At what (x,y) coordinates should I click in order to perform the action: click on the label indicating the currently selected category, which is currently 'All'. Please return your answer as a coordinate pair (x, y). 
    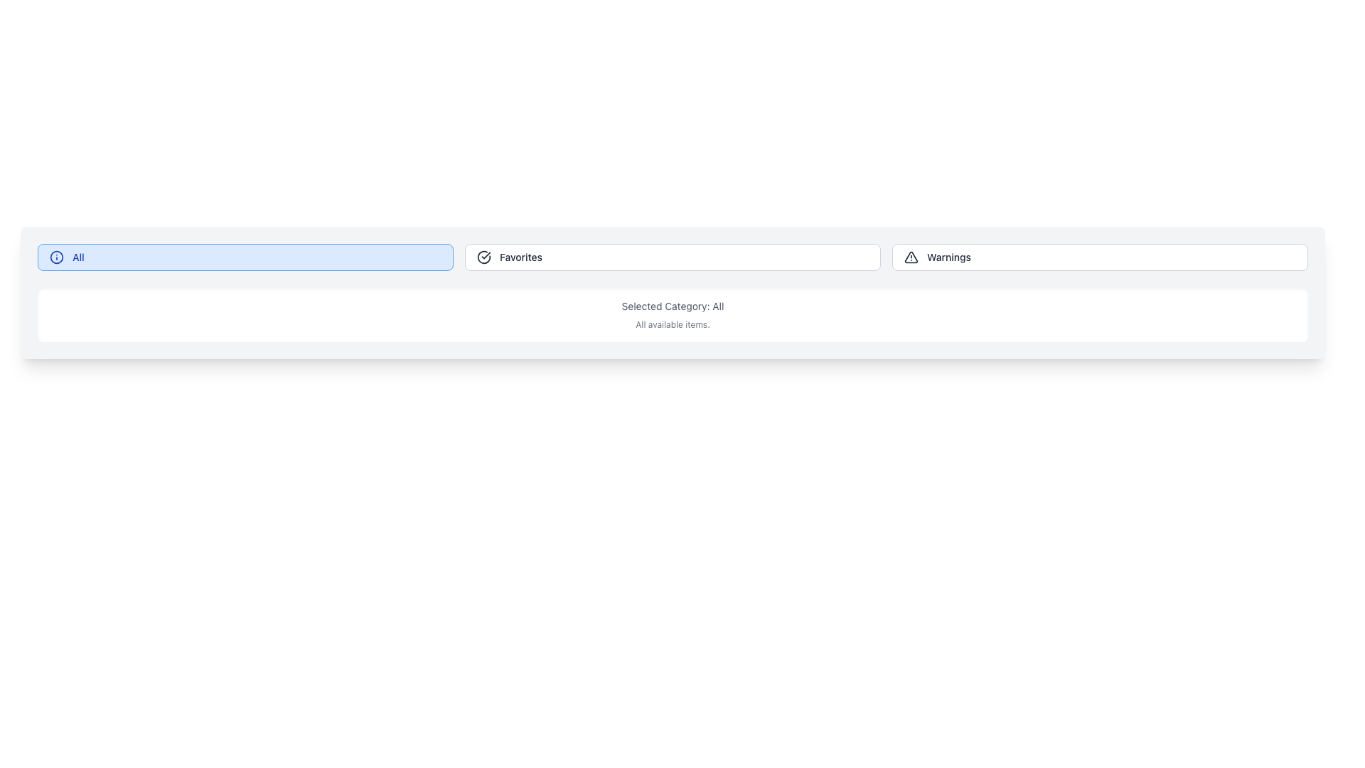
    Looking at the image, I should click on (672, 306).